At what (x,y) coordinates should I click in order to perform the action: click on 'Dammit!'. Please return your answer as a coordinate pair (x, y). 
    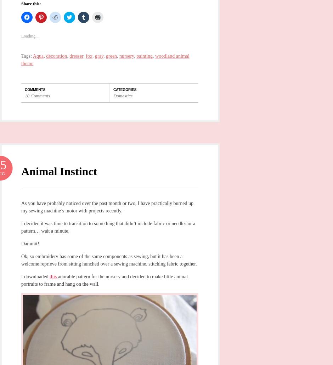
    Looking at the image, I should click on (30, 243).